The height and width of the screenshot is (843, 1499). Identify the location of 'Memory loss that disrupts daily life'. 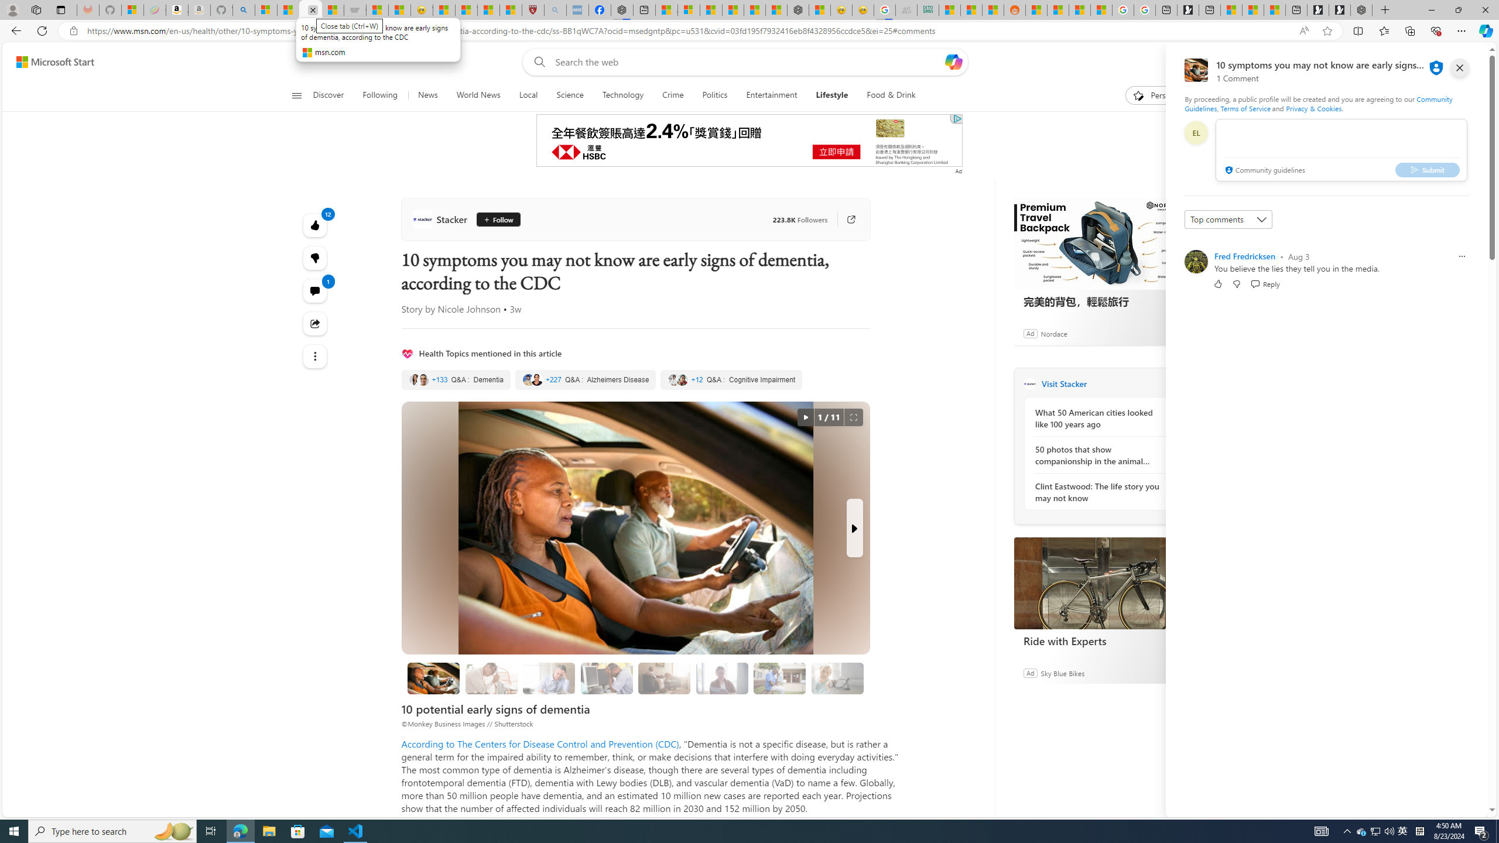
(490, 678).